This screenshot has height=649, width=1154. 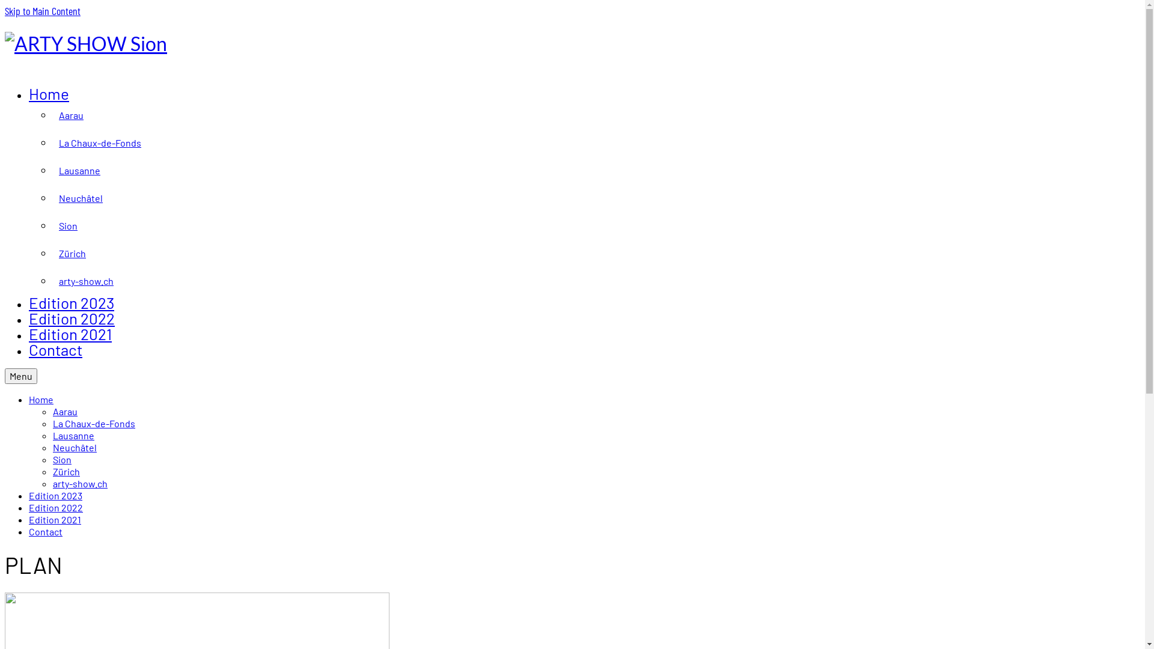 I want to click on 'Home', so click(x=48, y=93).